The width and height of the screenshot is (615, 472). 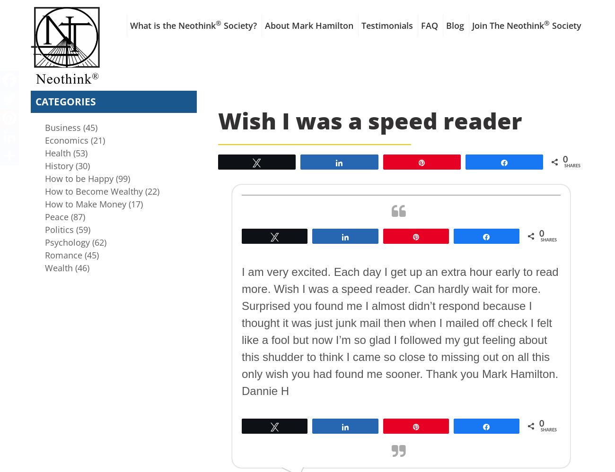 What do you see at coordinates (67, 241) in the screenshot?
I see `'Psychology'` at bounding box center [67, 241].